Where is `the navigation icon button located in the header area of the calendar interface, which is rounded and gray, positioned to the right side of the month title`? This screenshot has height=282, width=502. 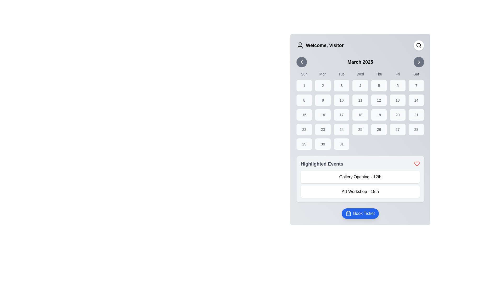
the navigation icon button located in the header area of the calendar interface, which is rounded and gray, positioned to the right side of the month title is located at coordinates (419, 62).